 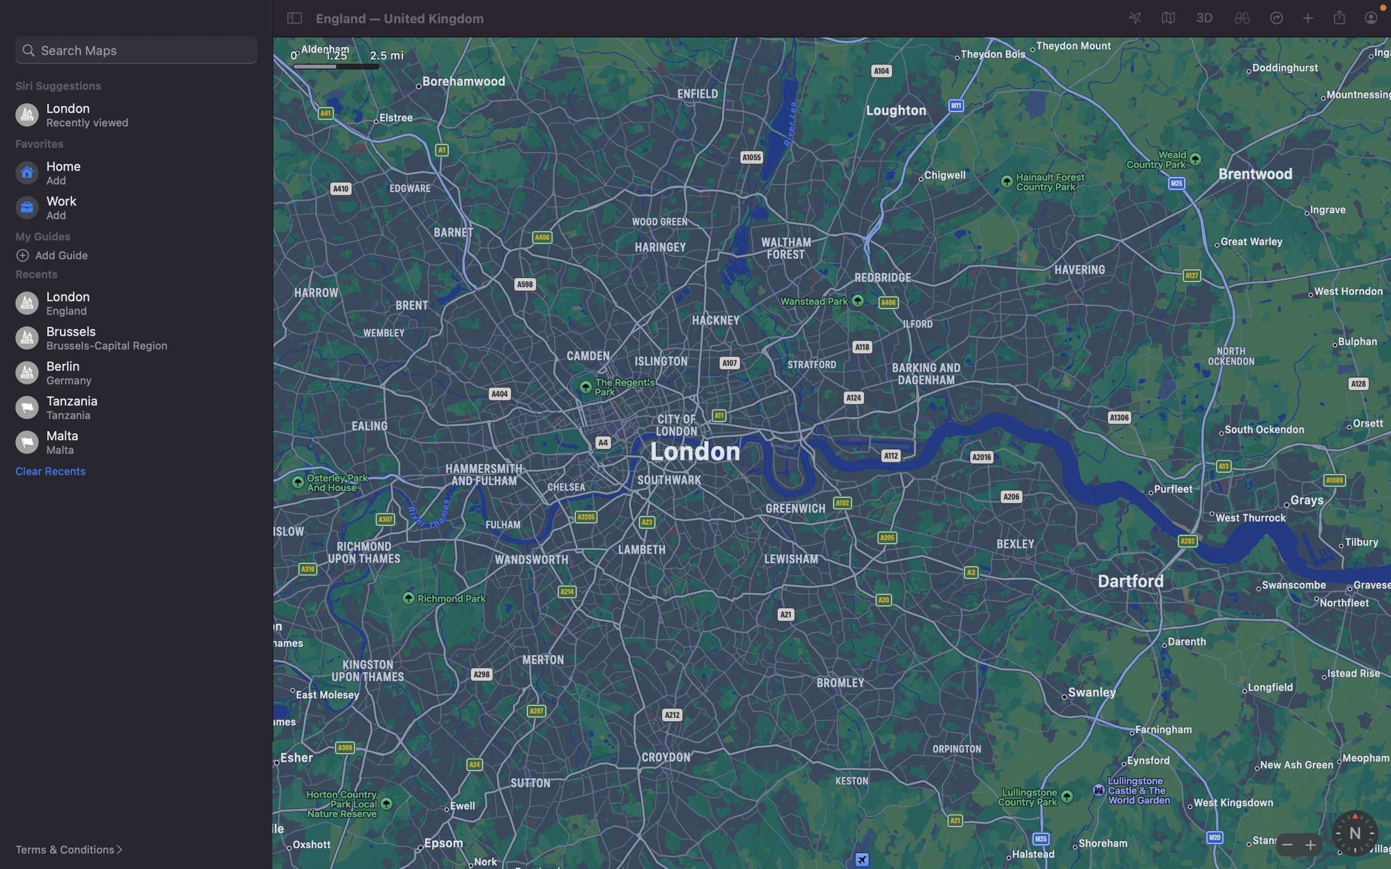 I want to click on Switch the map interface to a satellite image, so click(x=1166, y=18).